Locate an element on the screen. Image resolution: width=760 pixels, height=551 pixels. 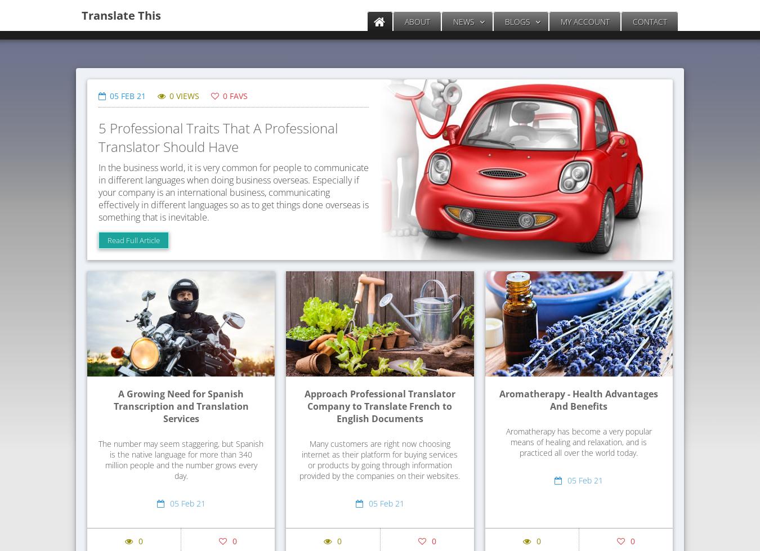
'Many customers are right now choosing internet as their platform for buying services or products by going through information provided by the companies on their websites.' is located at coordinates (379, 459).